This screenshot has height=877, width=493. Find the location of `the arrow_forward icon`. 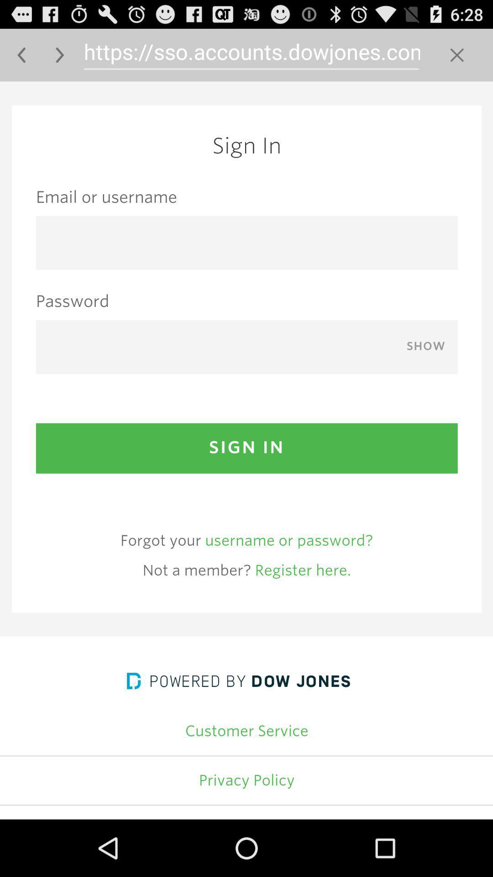

the arrow_forward icon is located at coordinates (60, 58).